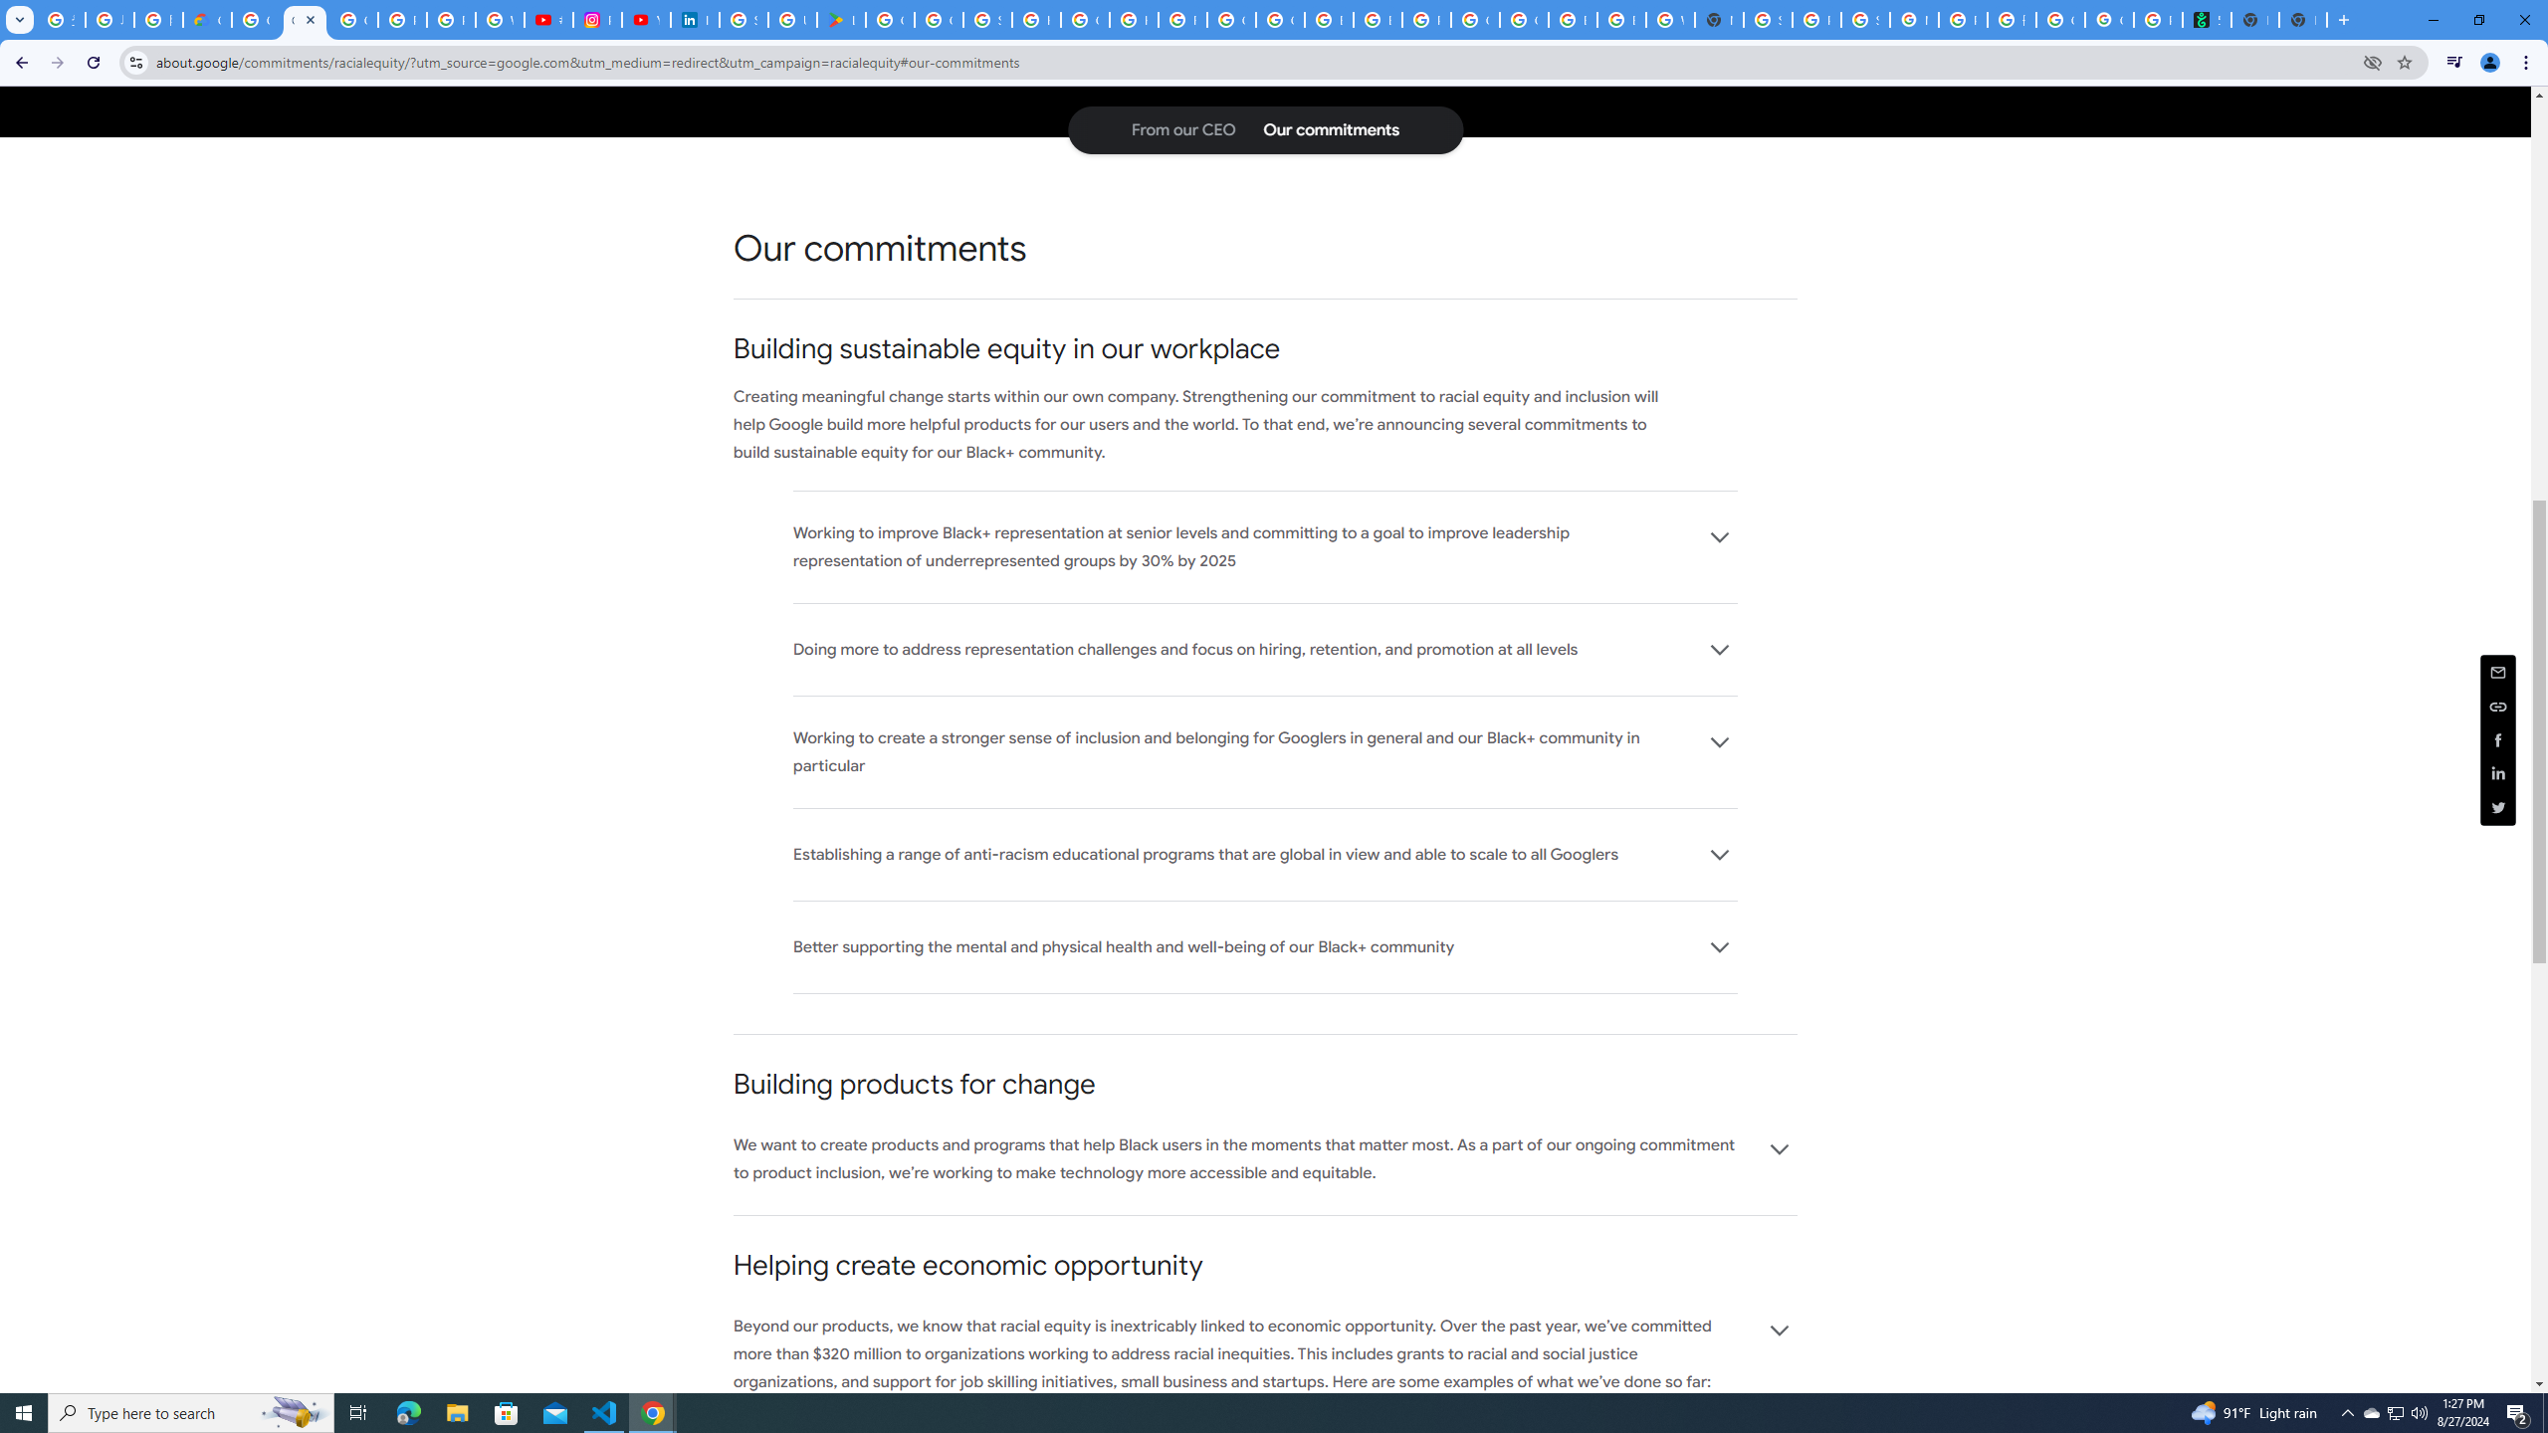  Describe the element at coordinates (1183, 129) in the screenshot. I see `'From our CEO: Jump to page section'` at that location.